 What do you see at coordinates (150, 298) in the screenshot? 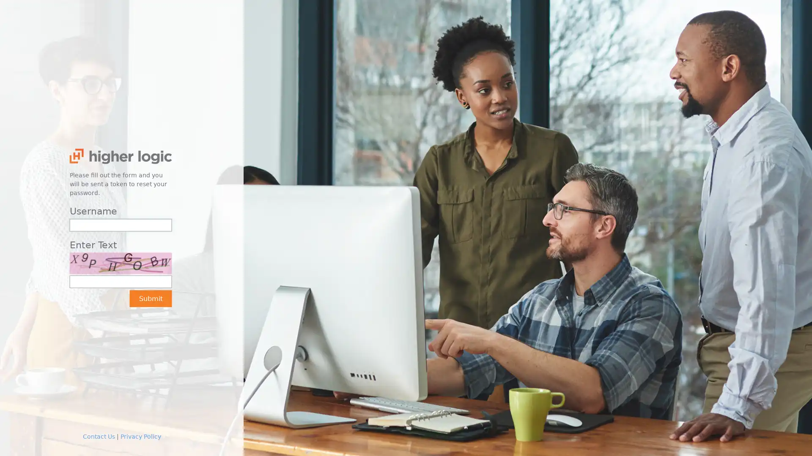
I see `Submit` at bounding box center [150, 298].